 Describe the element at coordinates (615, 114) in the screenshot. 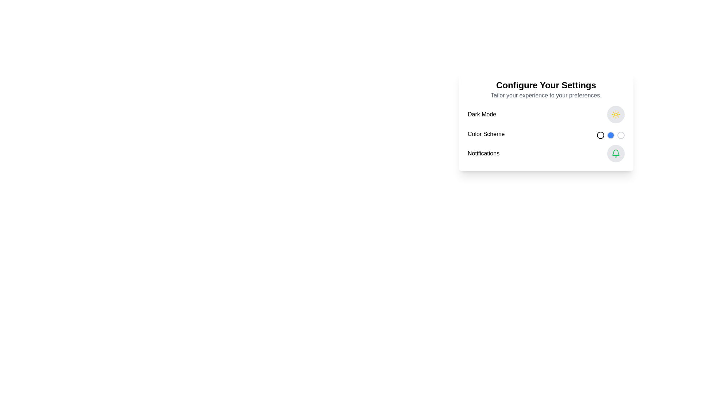

I see `the toggle button for adjusting brightness, located to the right of the 'Dark Mode' text label in the settings menu` at that location.